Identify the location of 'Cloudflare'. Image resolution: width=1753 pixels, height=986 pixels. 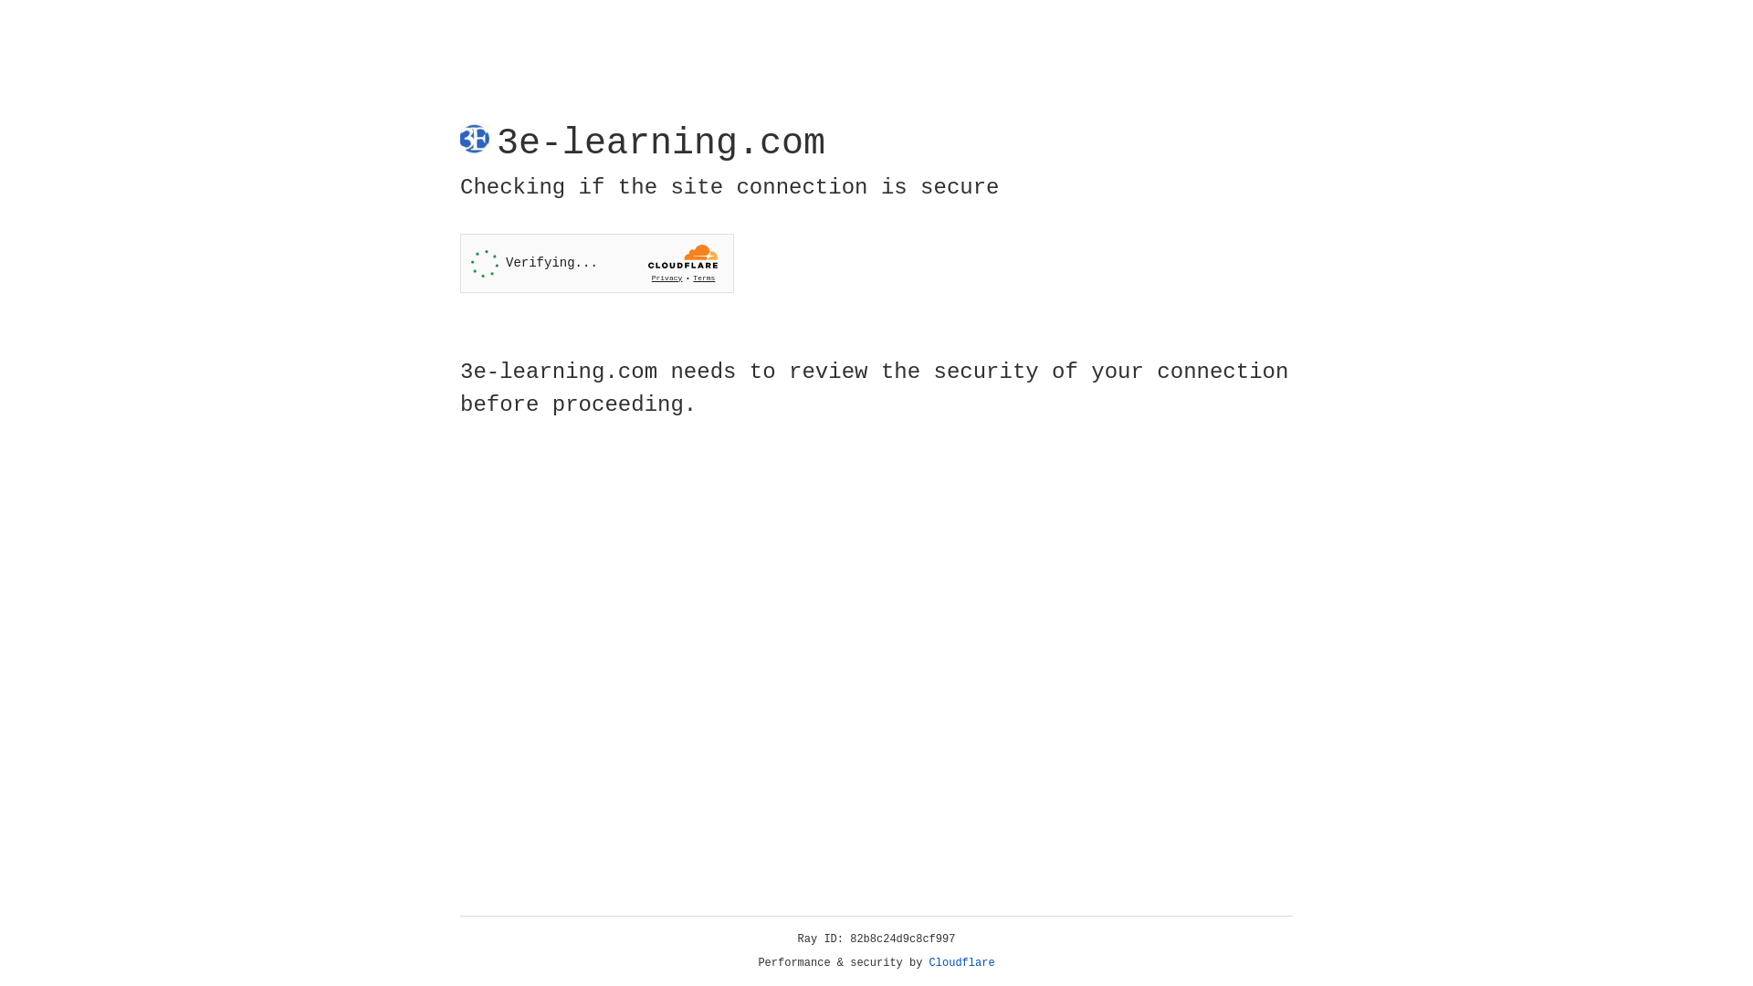
(961, 962).